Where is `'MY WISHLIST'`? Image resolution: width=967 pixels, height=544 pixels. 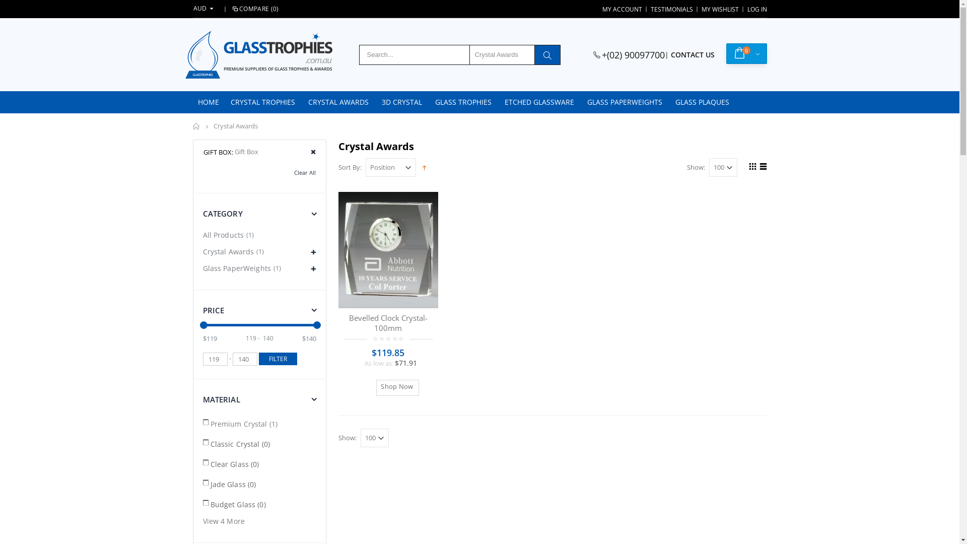
'MY WISHLIST' is located at coordinates (719, 9).